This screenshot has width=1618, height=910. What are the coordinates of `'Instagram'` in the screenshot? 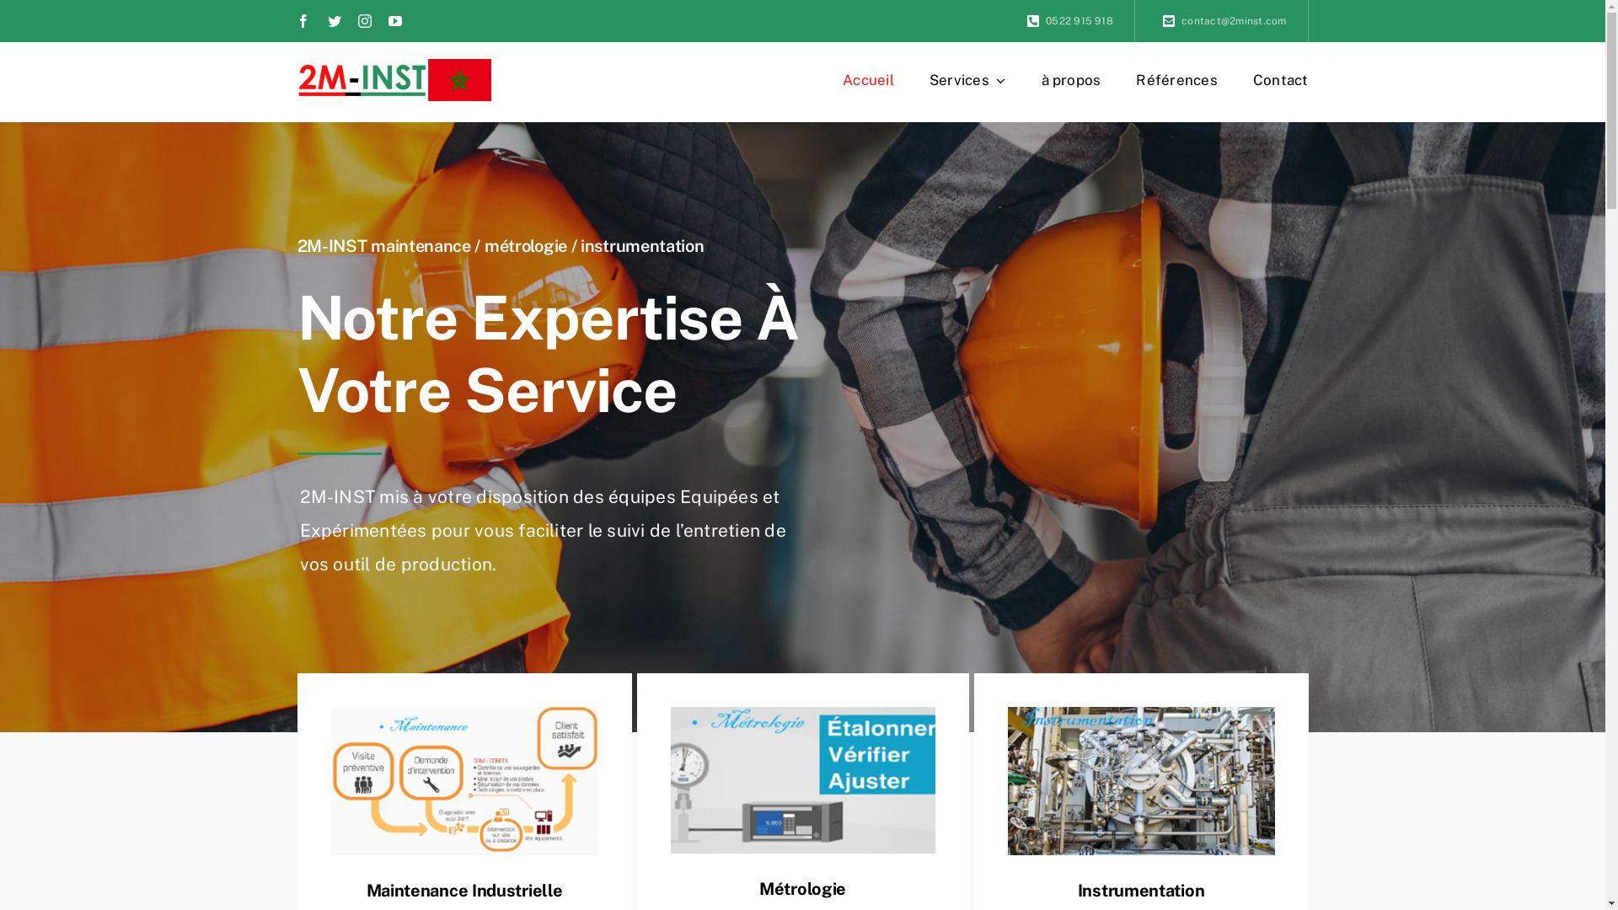 It's located at (363, 20).